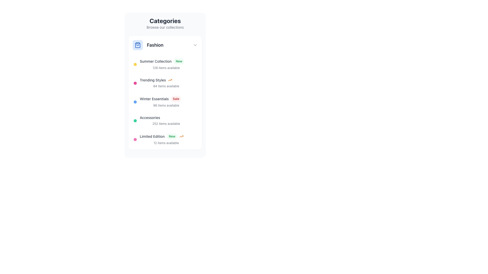 The height and width of the screenshot is (274, 488). I want to click on the 'New' badge label styled with green text and rounded background, which is positioned to the right of the 'Summer Collection' text in the Fashion category, so click(179, 61).